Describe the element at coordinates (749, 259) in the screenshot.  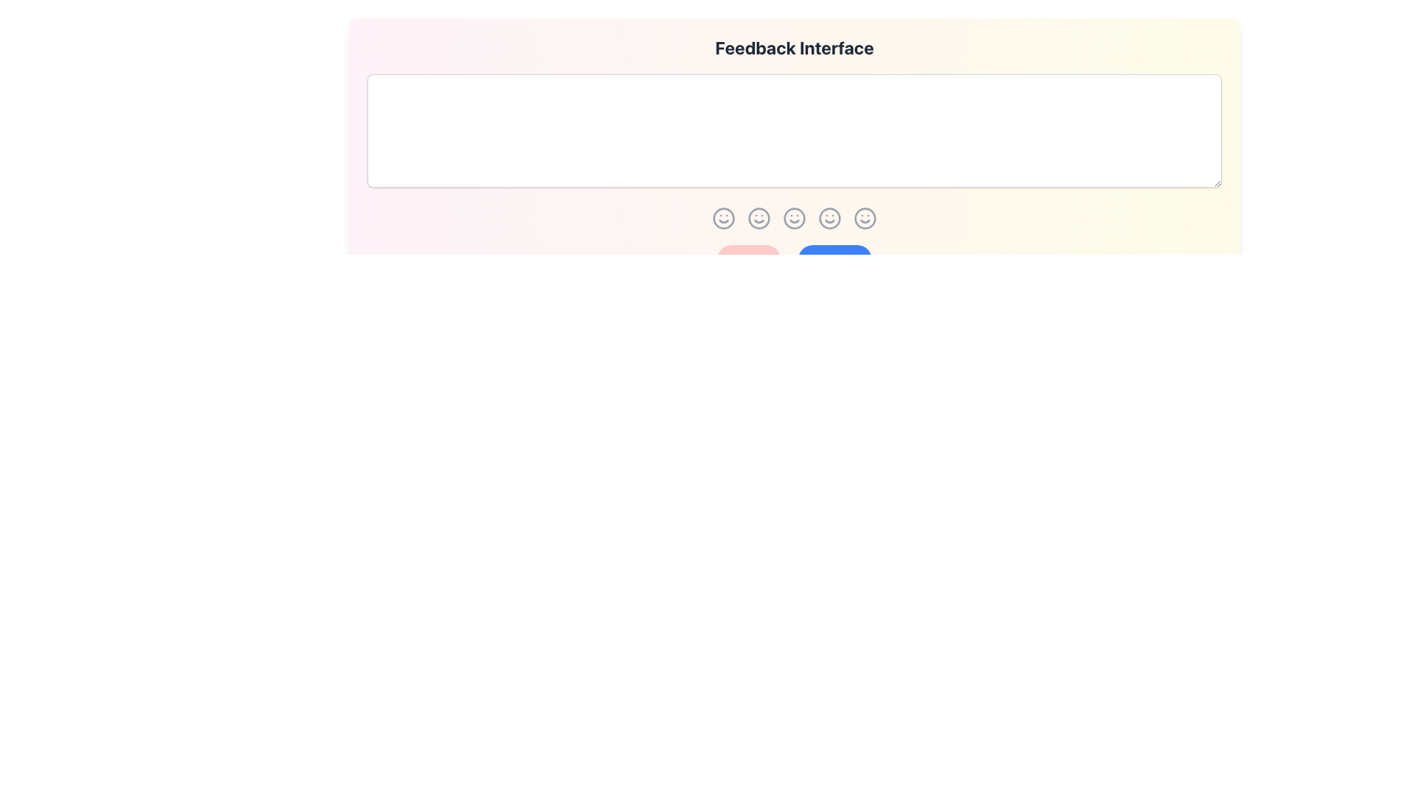
I see `the first button in the 'Feedback Interface' section to clear any user input or feedback` at that location.